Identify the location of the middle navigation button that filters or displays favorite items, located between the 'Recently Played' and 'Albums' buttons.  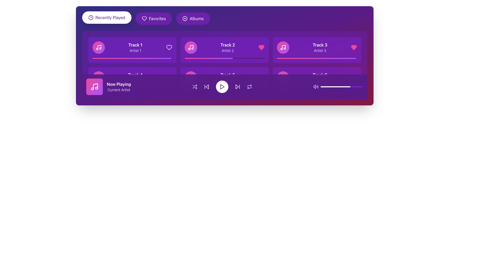
(153, 18).